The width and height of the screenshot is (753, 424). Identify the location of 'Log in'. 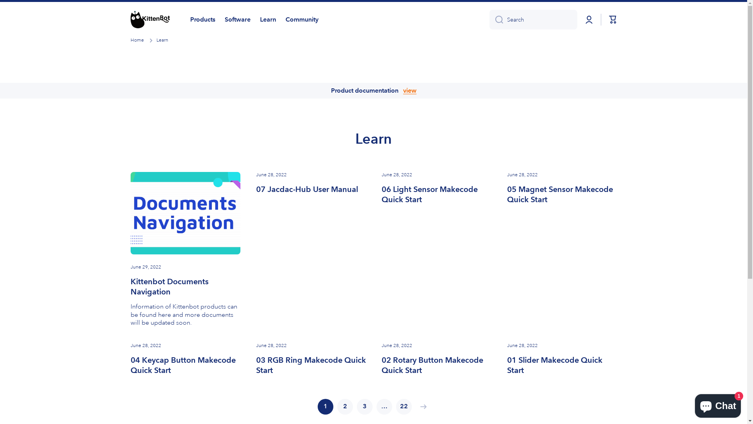
(589, 19).